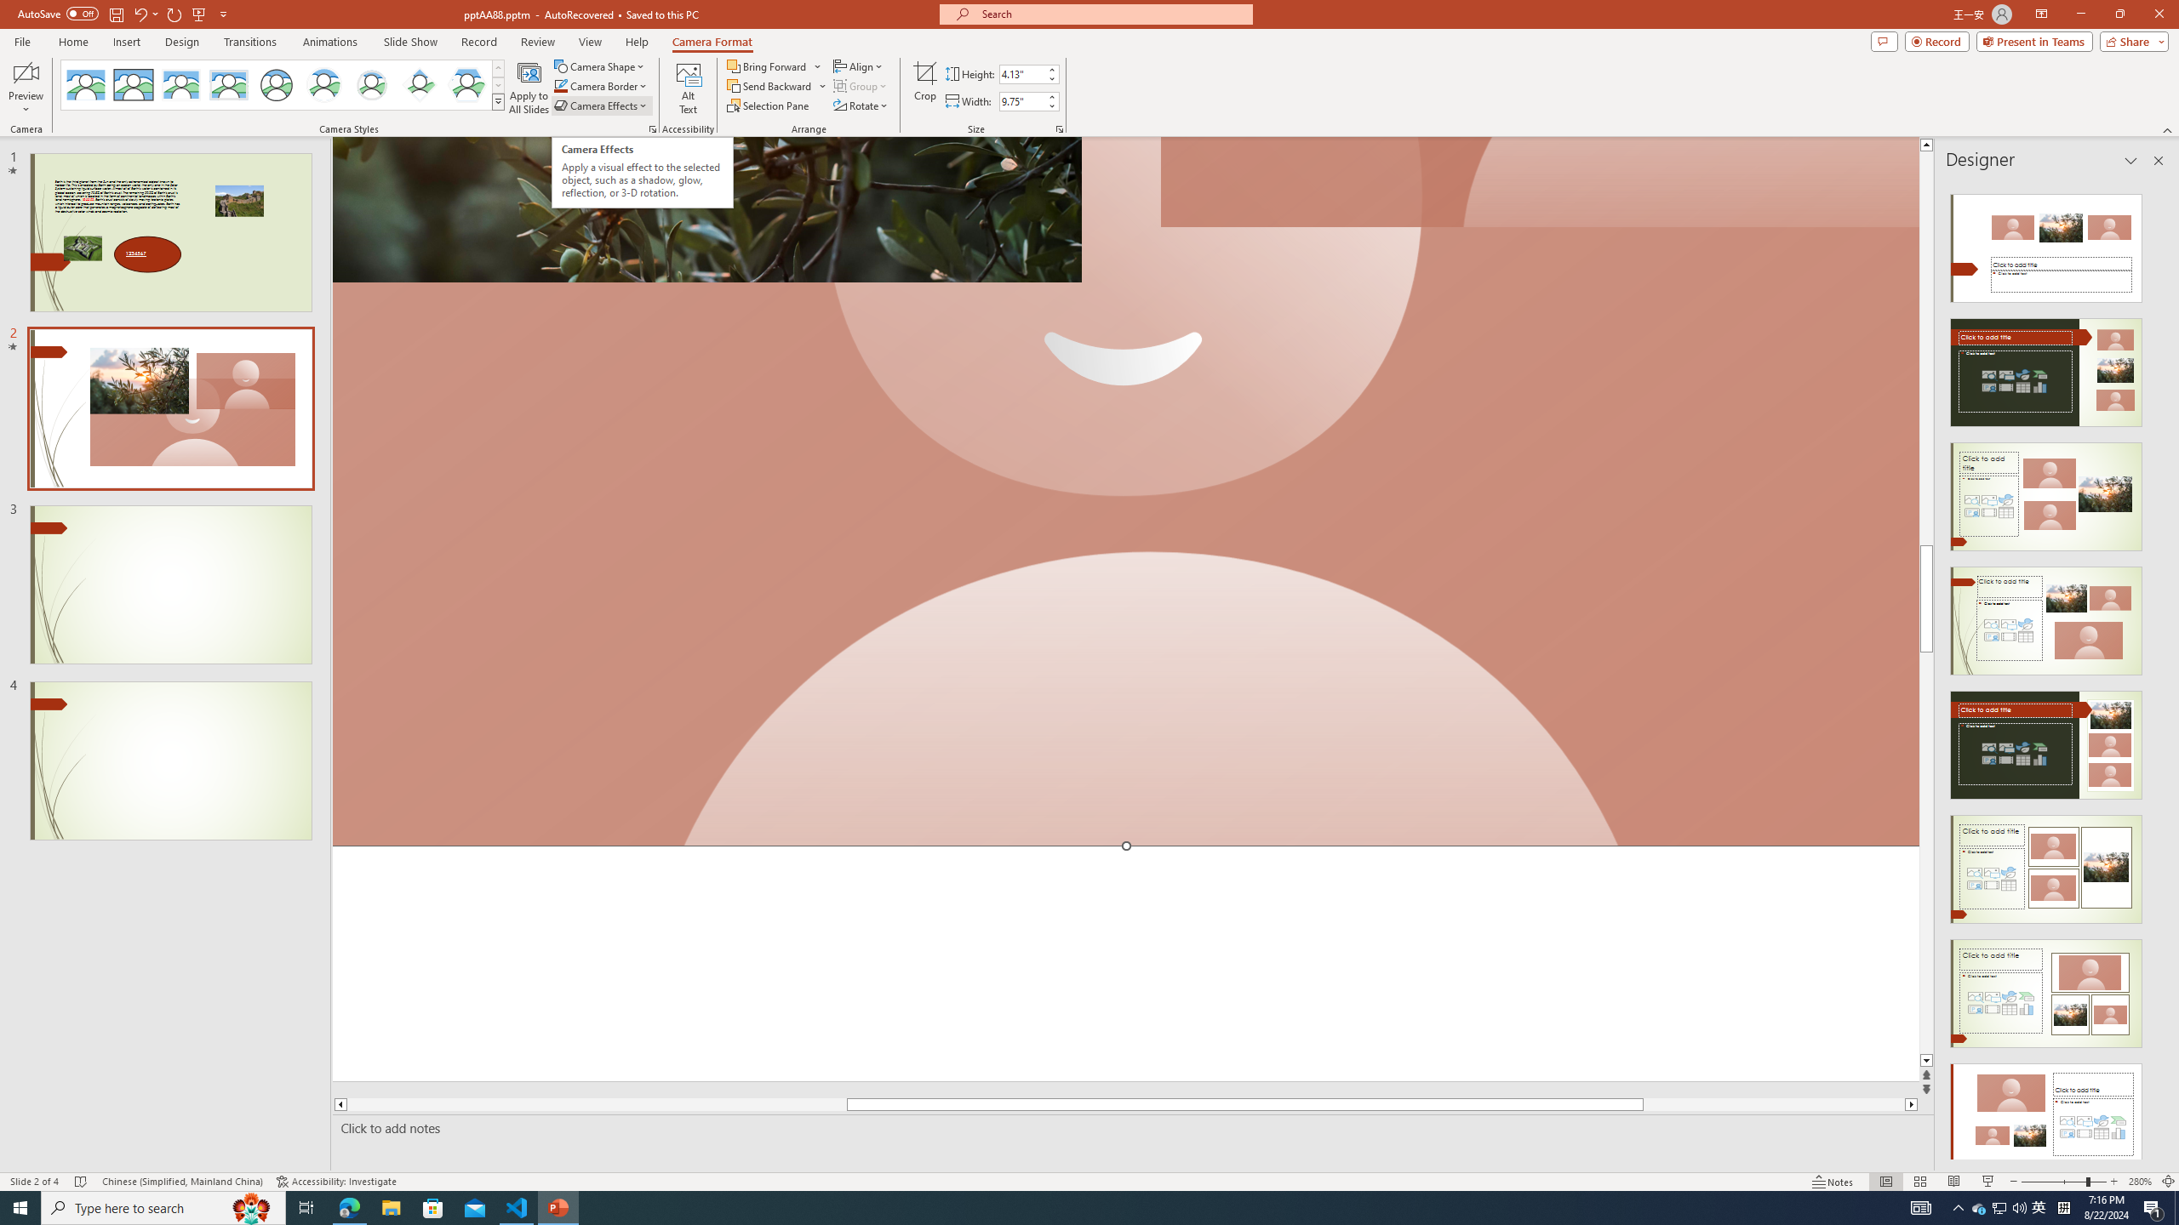  What do you see at coordinates (228, 84) in the screenshot?
I see `'Soft Edge Rectangle'` at bounding box center [228, 84].